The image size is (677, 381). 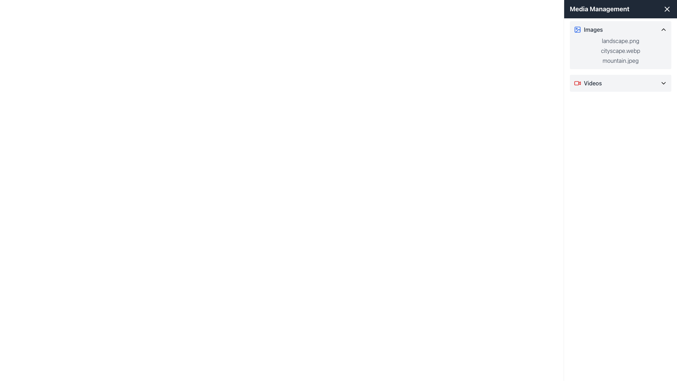 I want to click on the large rectangular graphical component representing image or media content within the icon located at the top-right of the interface, near the 'Media Management' title, so click(x=577, y=29).